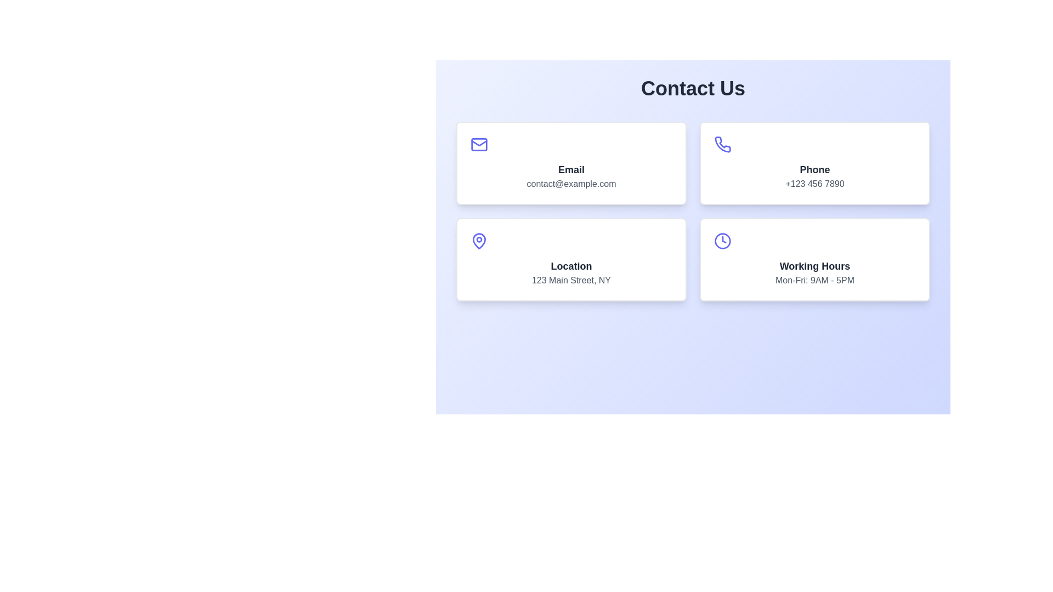 This screenshot has height=592, width=1053. I want to click on the phone icon located in the top-right card of the grid containing contact information, positioned to the right of the 'Email' card and above the 'Working Hours' card, so click(723, 144).